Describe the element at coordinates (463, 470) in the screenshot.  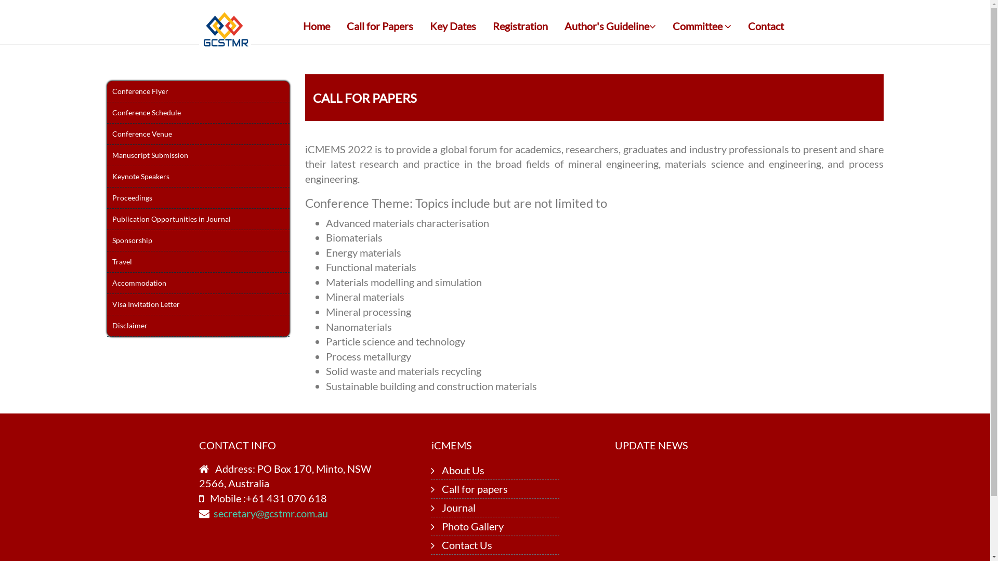
I see `'About Us'` at that location.